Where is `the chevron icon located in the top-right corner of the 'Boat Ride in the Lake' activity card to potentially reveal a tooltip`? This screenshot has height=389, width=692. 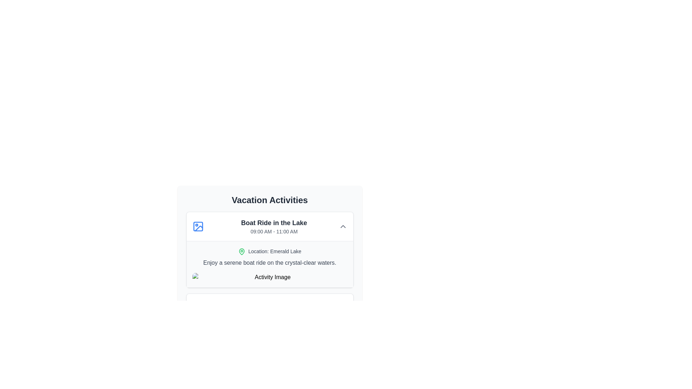
the chevron icon located in the top-right corner of the 'Boat Ride in the Lake' activity card to potentially reveal a tooltip is located at coordinates (342, 226).